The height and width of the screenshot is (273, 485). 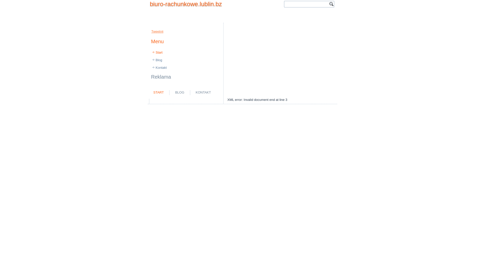 What do you see at coordinates (243, 57) in the screenshot?
I see `'Advertisement'` at bounding box center [243, 57].